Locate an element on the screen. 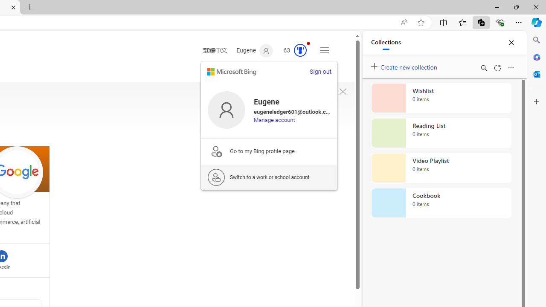  'Eugene' is located at coordinates (254, 51).